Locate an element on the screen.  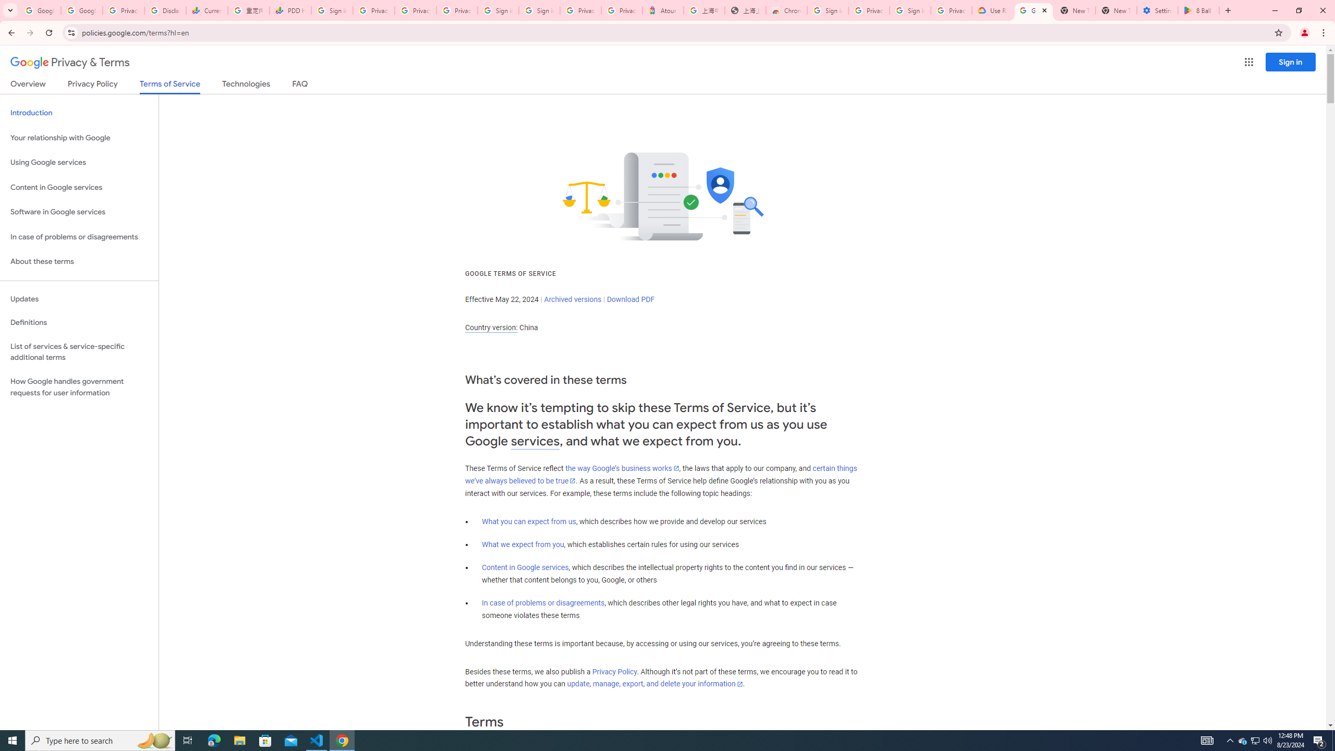
'FAQ' is located at coordinates (300, 86).